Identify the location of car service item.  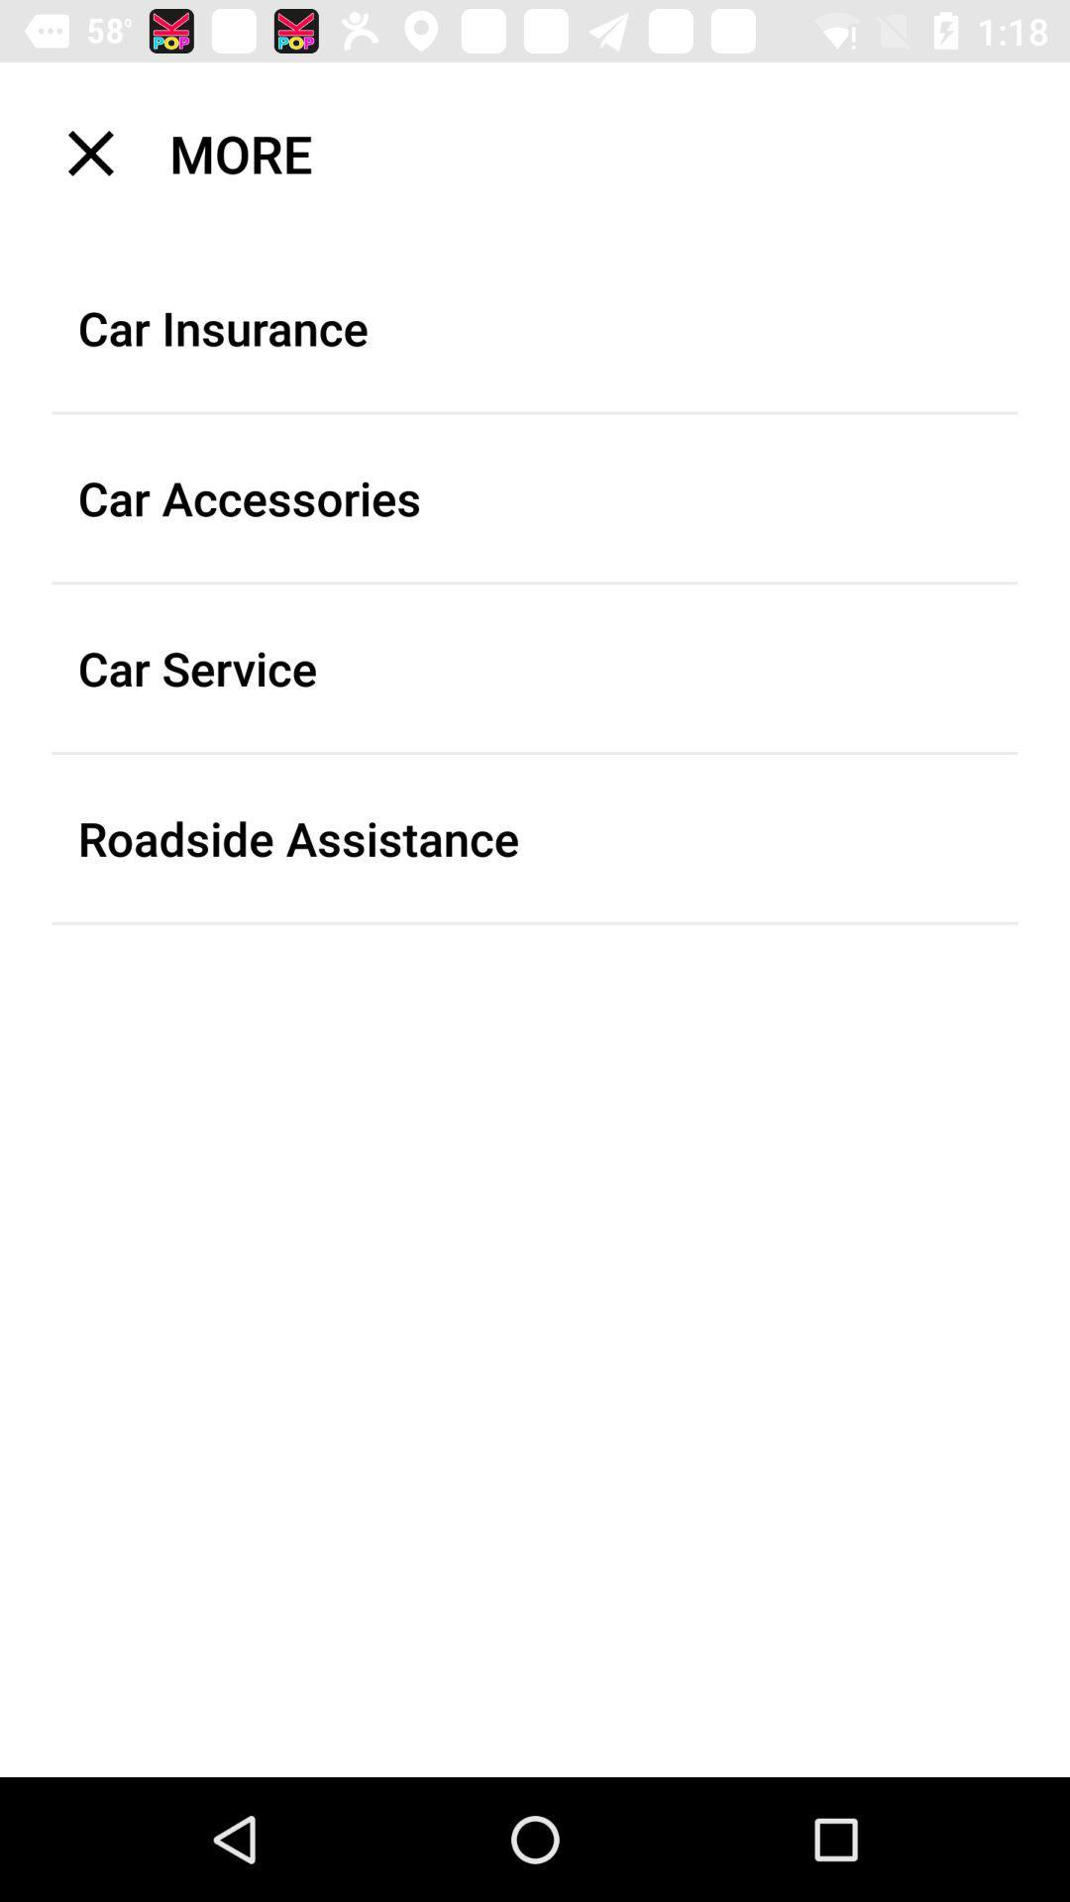
(535, 668).